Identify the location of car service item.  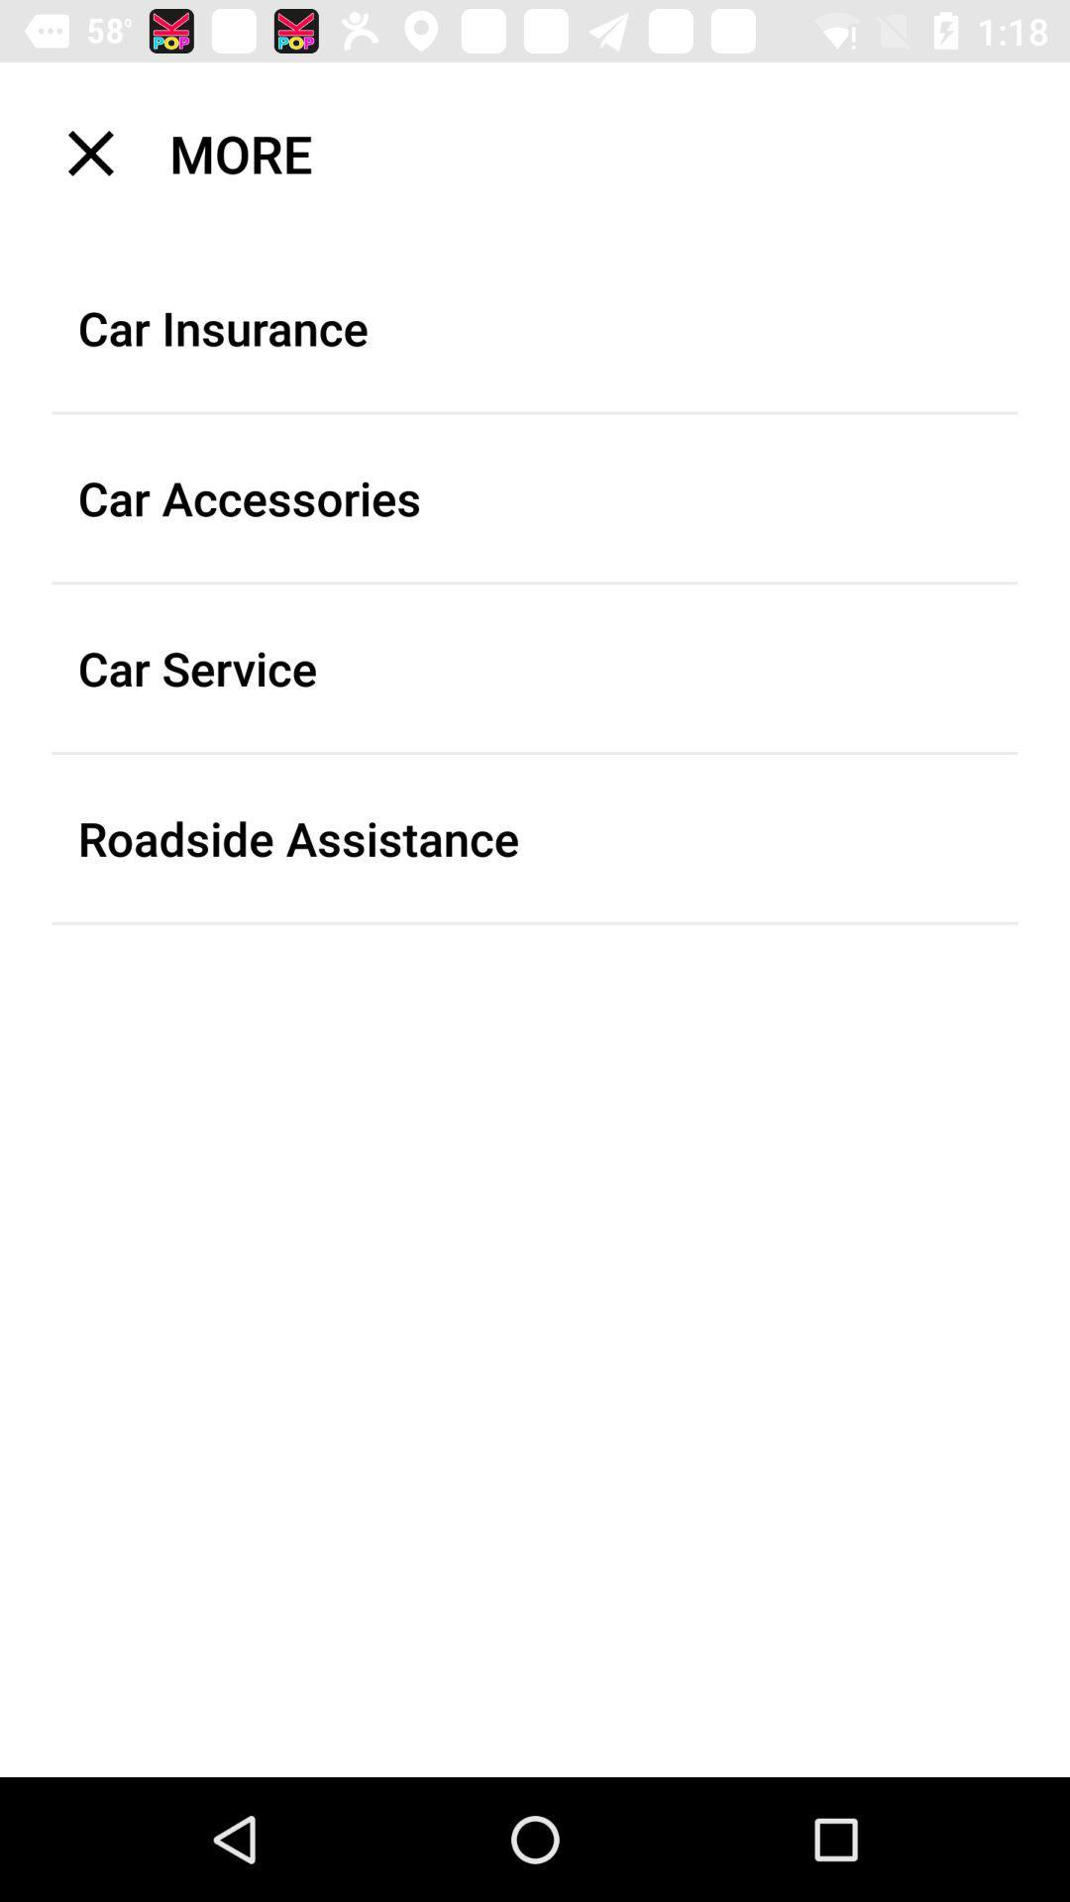
(535, 668).